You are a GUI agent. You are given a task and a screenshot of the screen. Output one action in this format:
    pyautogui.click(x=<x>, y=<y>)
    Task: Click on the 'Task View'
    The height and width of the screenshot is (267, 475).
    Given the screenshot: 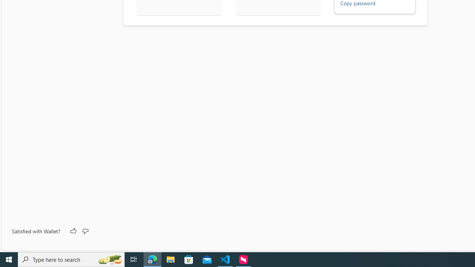 What is the action you would take?
    pyautogui.click(x=133, y=259)
    